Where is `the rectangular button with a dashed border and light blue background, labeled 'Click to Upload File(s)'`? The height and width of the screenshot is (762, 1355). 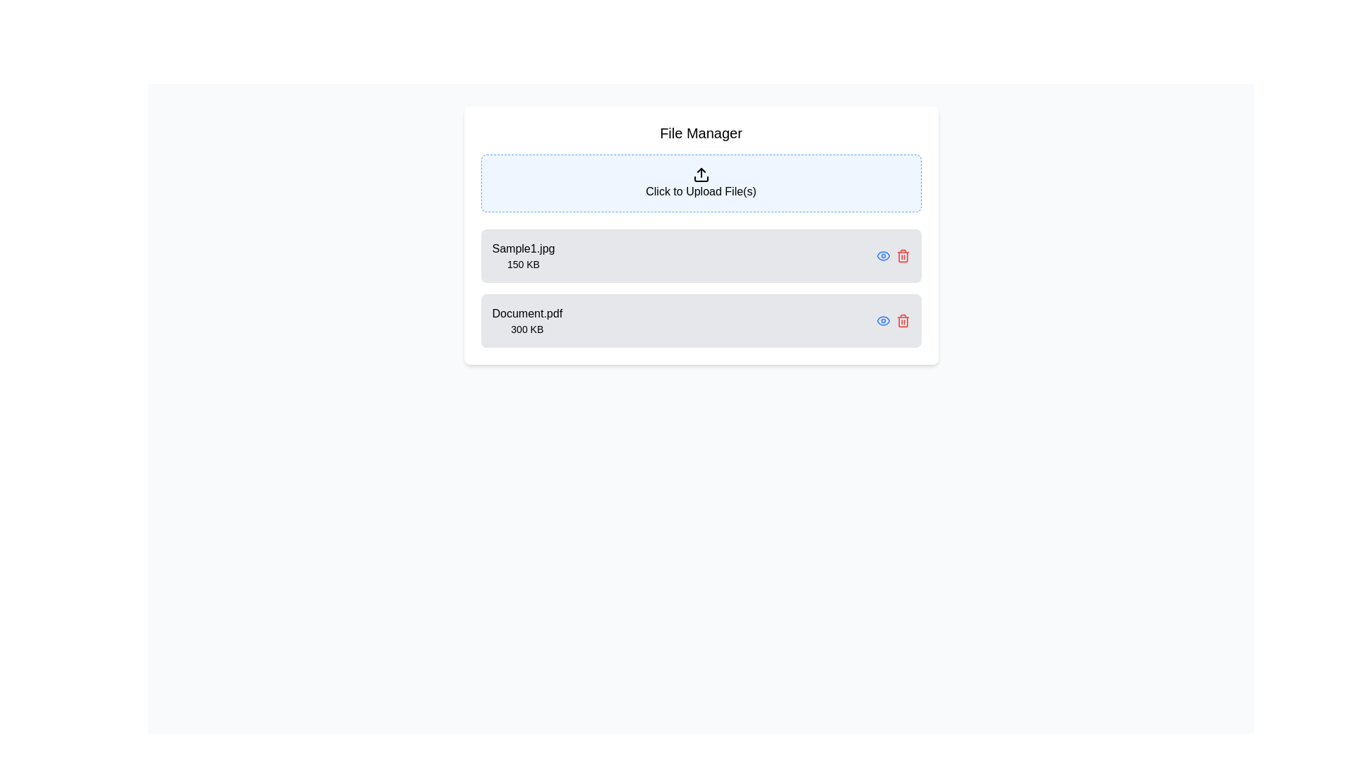 the rectangular button with a dashed border and light blue background, labeled 'Click to Upload File(s)' is located at coordinates (701, 182).